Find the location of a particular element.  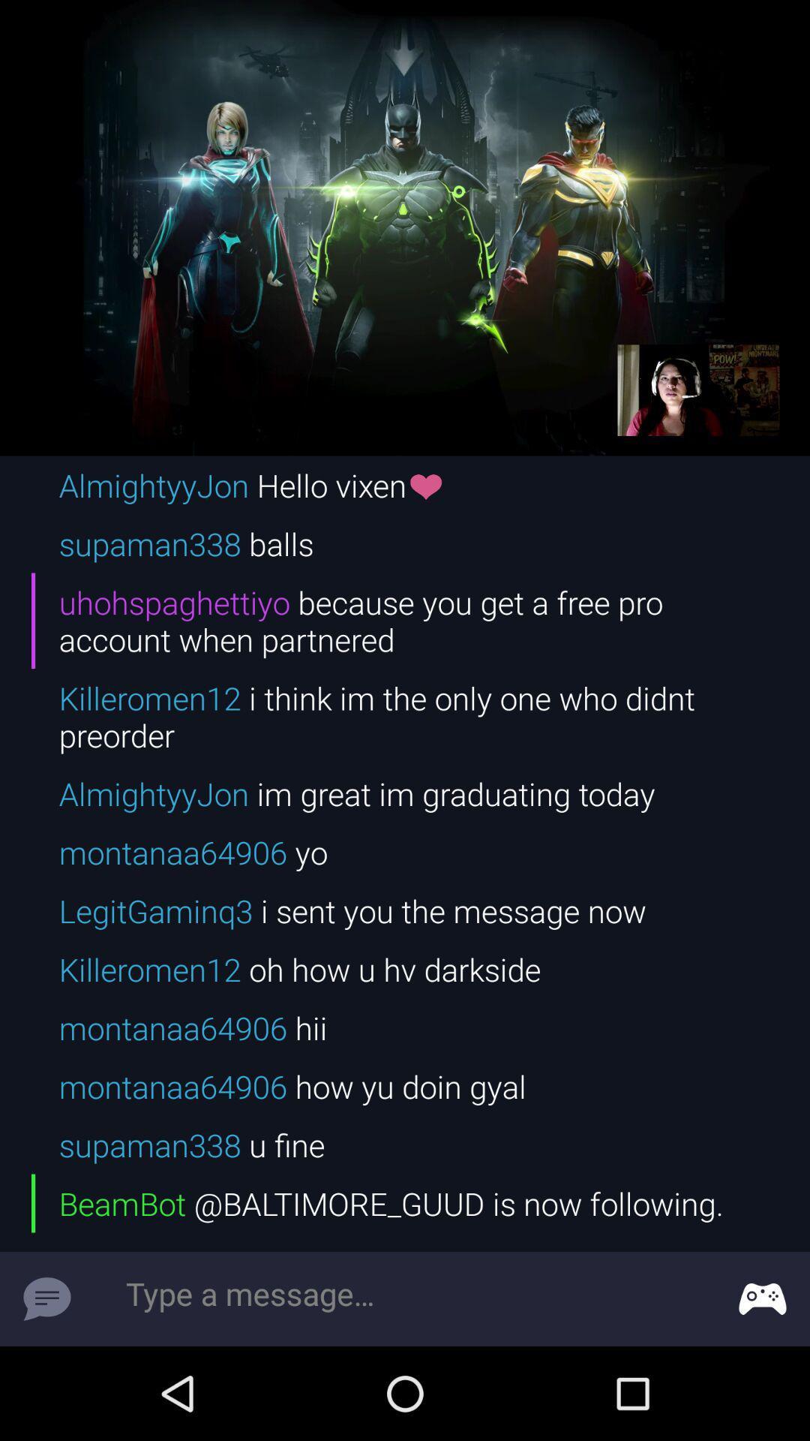

the chat icon is located at coordinates (763, 1298).